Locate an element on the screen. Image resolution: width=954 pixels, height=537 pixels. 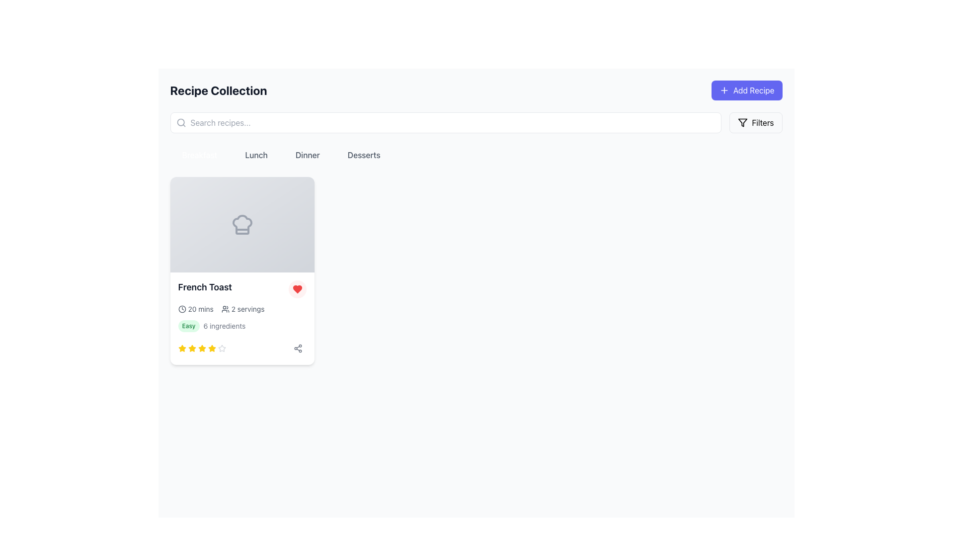
the Search bar with a filter button located beneath the 'Recipe Collection' title is located at coordinates (476, 122).